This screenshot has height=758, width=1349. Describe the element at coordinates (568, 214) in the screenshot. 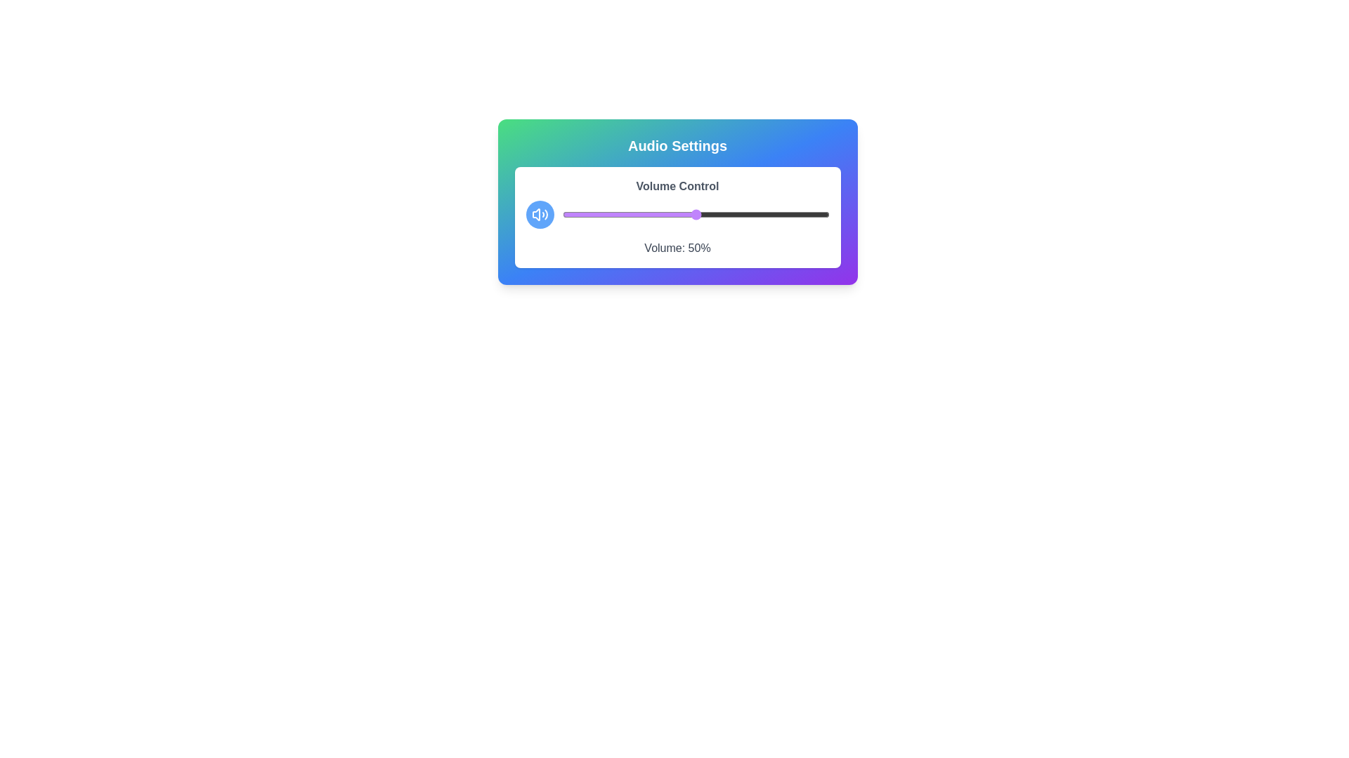

I see `volume` at that location.